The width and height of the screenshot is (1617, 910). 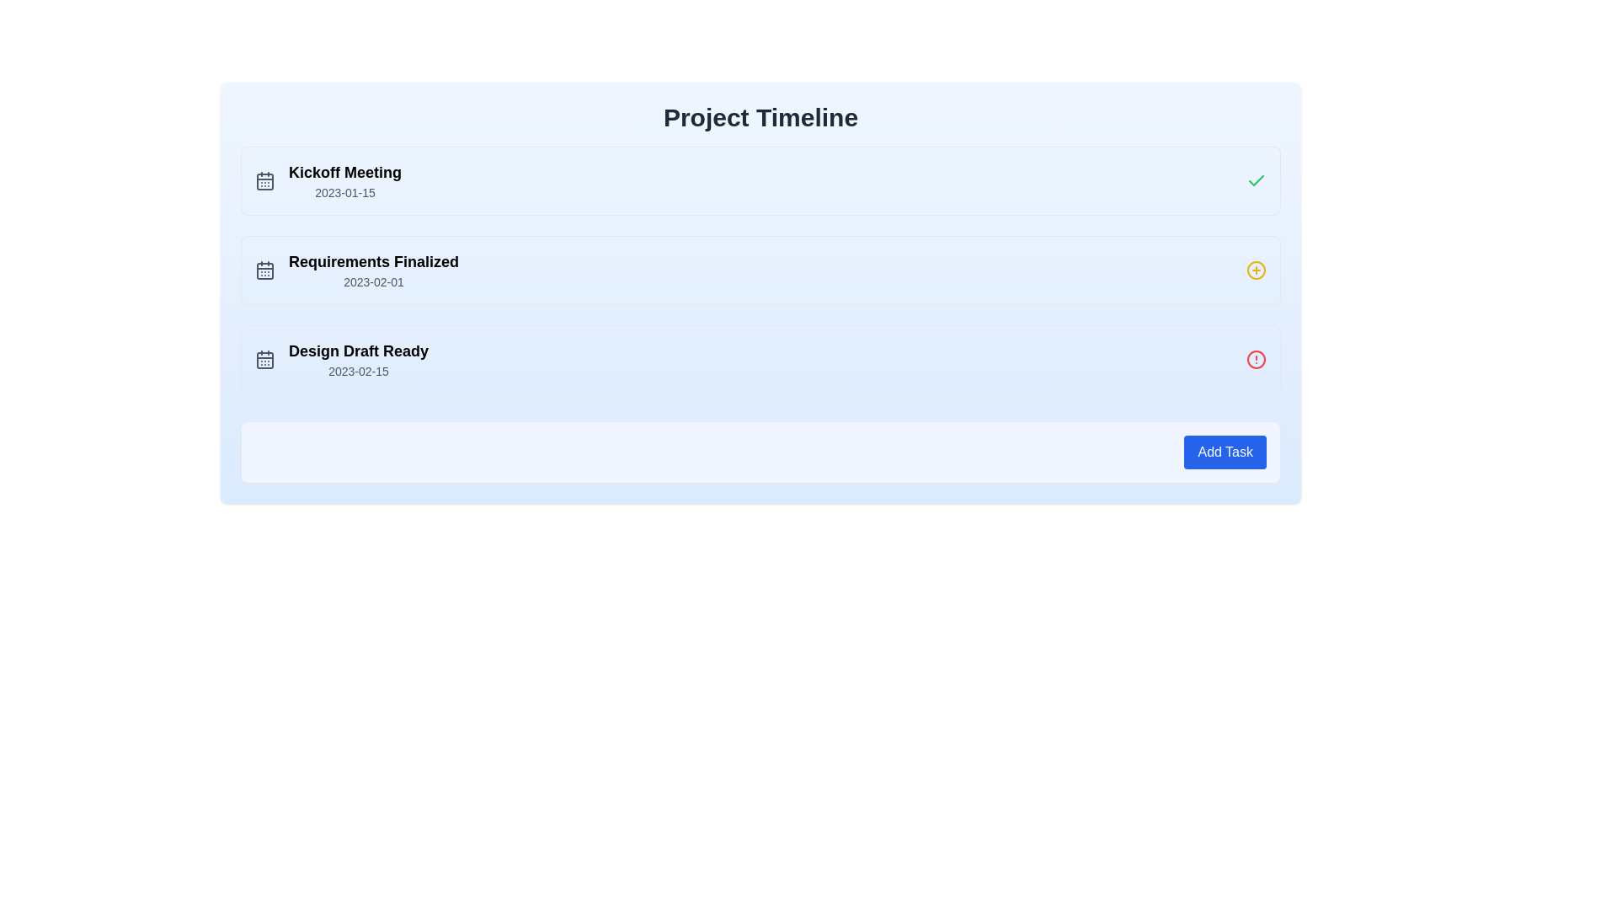 I want to click on the calendar icon, which is a simplified depiction of a calendar with rounded edges, located at the leftmost edge of the row containing the 'Design Draft Ready' task, so click(x=264, y=359).